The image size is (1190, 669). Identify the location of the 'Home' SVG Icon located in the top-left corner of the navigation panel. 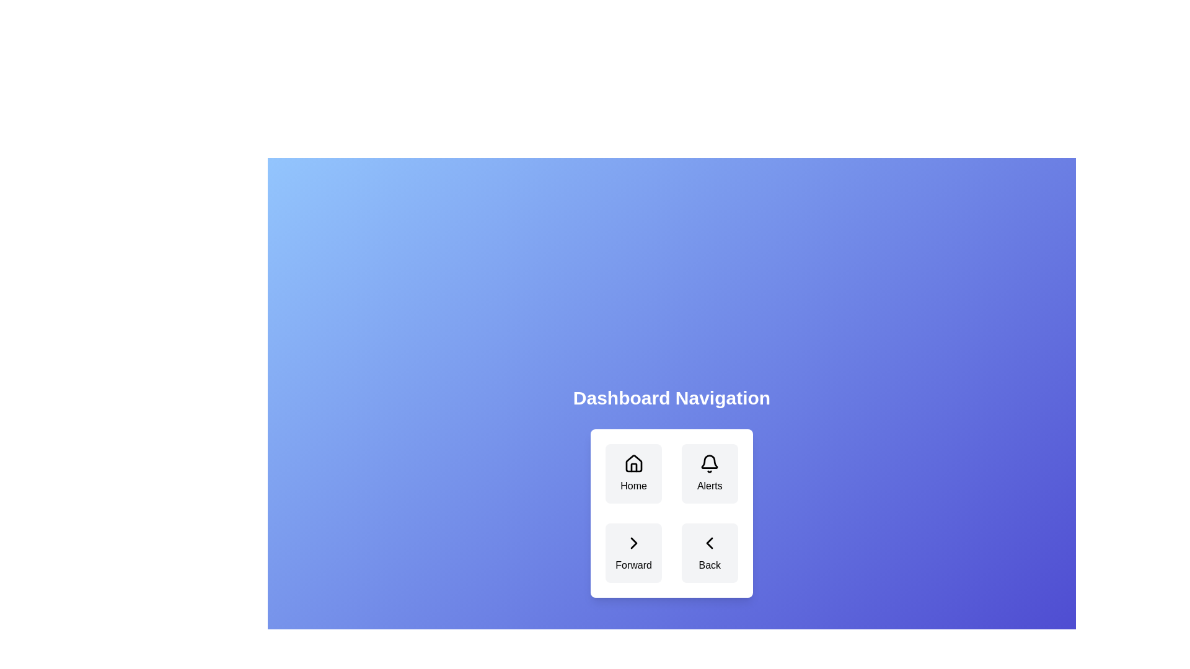
(633, 463).